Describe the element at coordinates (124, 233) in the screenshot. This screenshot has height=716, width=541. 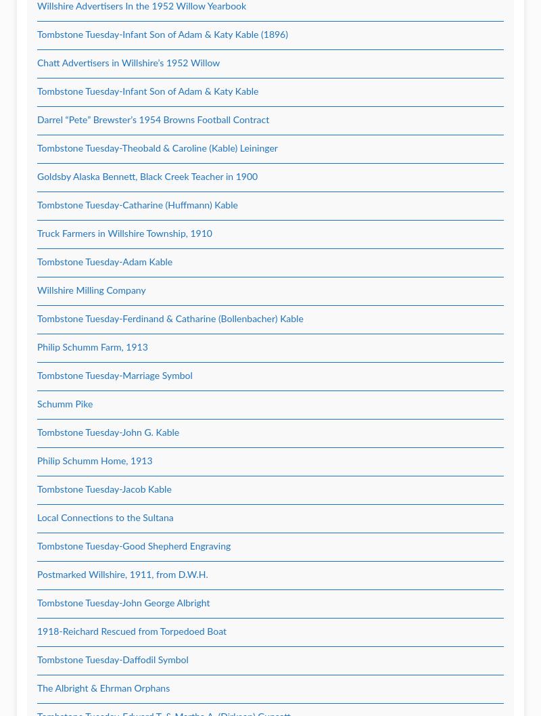
I see `'Truck Farmers in Willshire Township, 1910'` at that location.